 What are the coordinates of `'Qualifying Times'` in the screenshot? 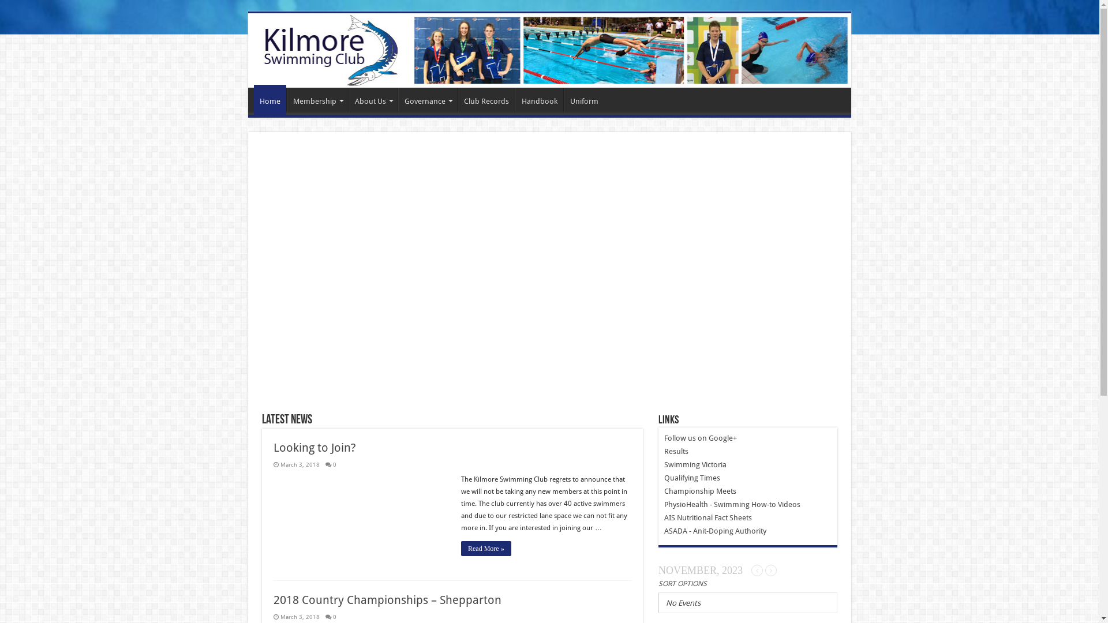 It's located at (692, 477).